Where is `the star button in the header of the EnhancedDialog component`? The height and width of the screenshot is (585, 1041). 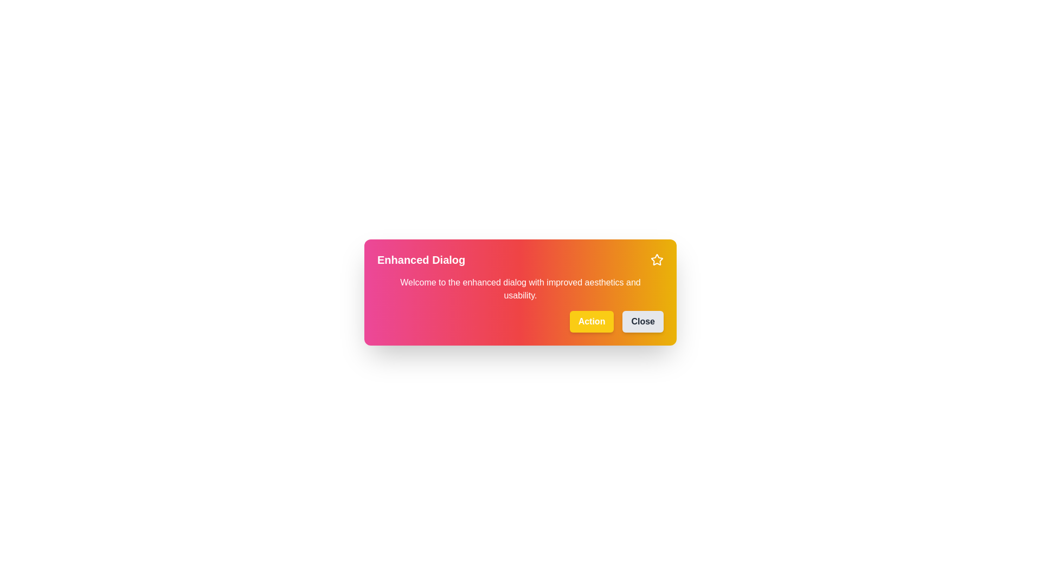
the star button in the header of the EnhancedDialog component is located at coordinates (656, 259).